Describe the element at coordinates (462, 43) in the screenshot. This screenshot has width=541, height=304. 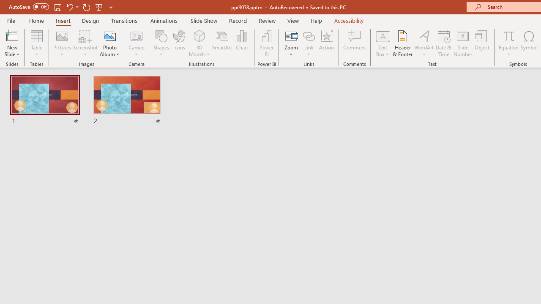
I see `'Slide Number'` at that location.